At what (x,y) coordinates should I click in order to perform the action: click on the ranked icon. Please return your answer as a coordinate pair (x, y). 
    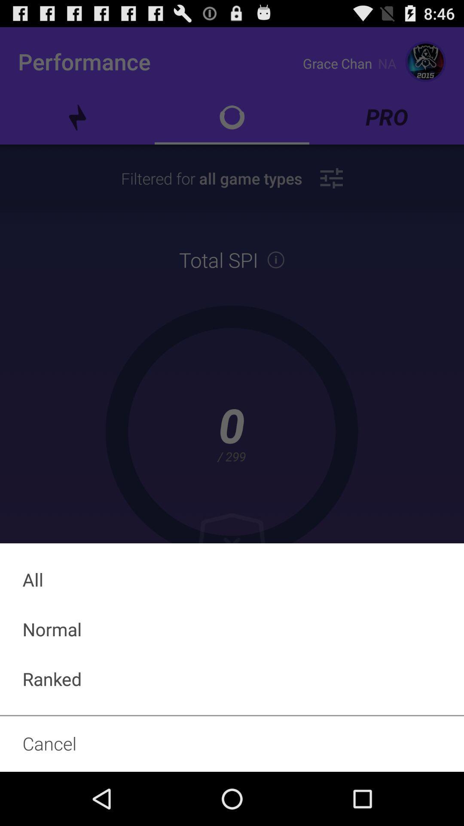
    Looking at the image, I should click on (232, 678).